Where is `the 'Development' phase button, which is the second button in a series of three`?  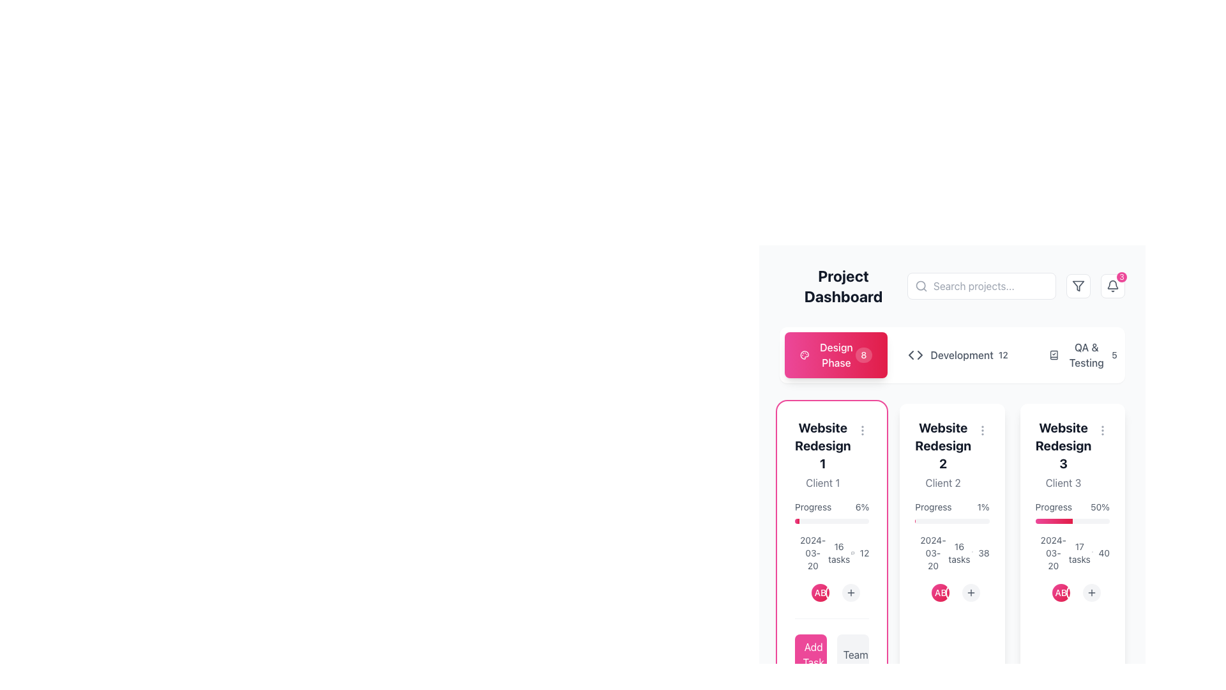
the 'Development' phase button, which is the second button in a series of three is located at coordinates (960, 355).